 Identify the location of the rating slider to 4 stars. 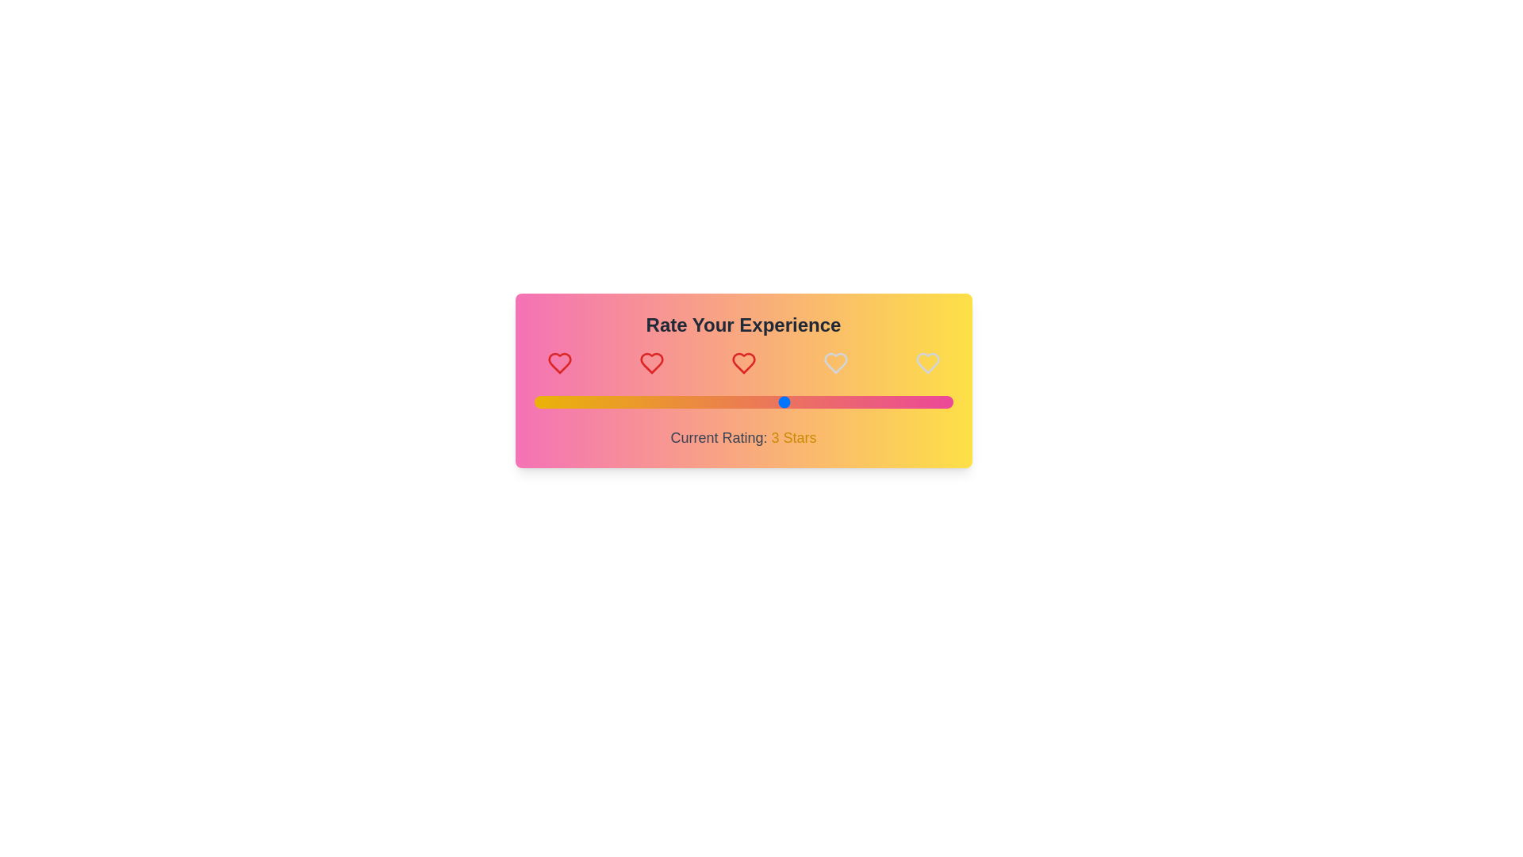
(868, 401).